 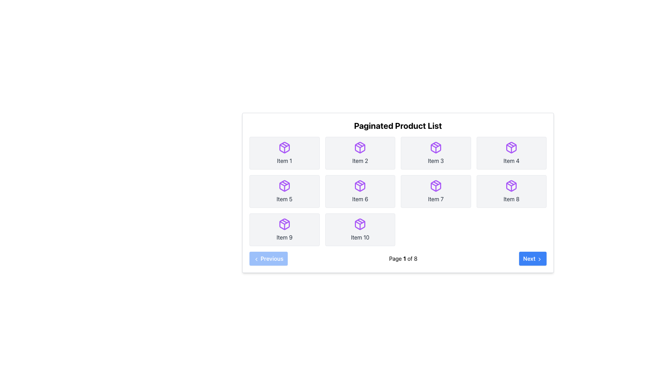 I want to click on the button labeled 'Item 1' with a purple package icon, located at the top-left position of a 2x5 grid layout, so click(x=284, y=152).